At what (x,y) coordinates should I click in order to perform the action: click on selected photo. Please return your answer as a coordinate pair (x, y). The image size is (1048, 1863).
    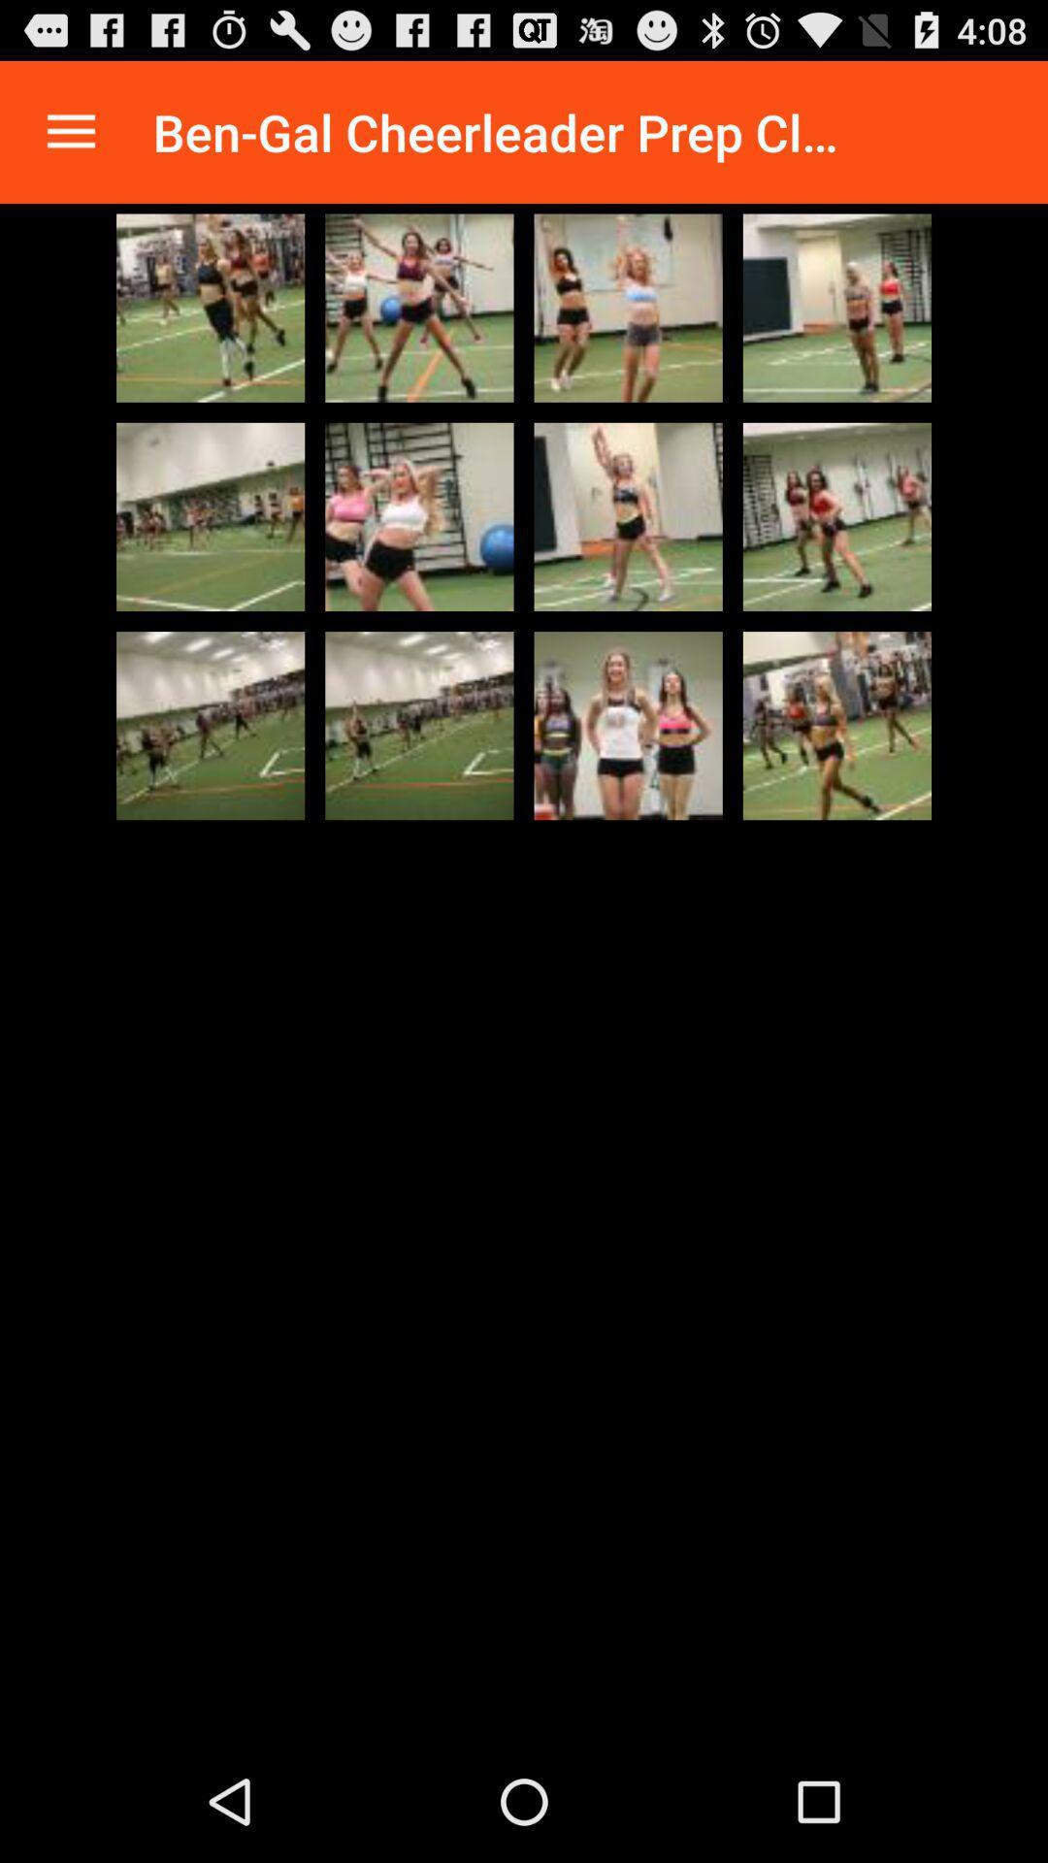
    Looking at the image, I should click on (211, 307).